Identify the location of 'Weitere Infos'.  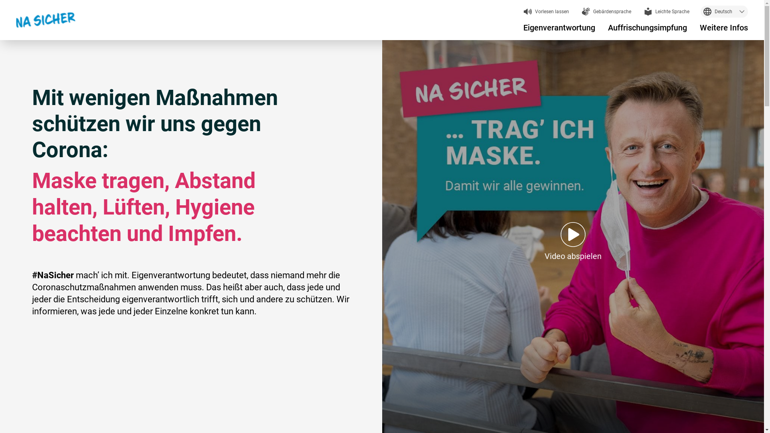
(723, 27).